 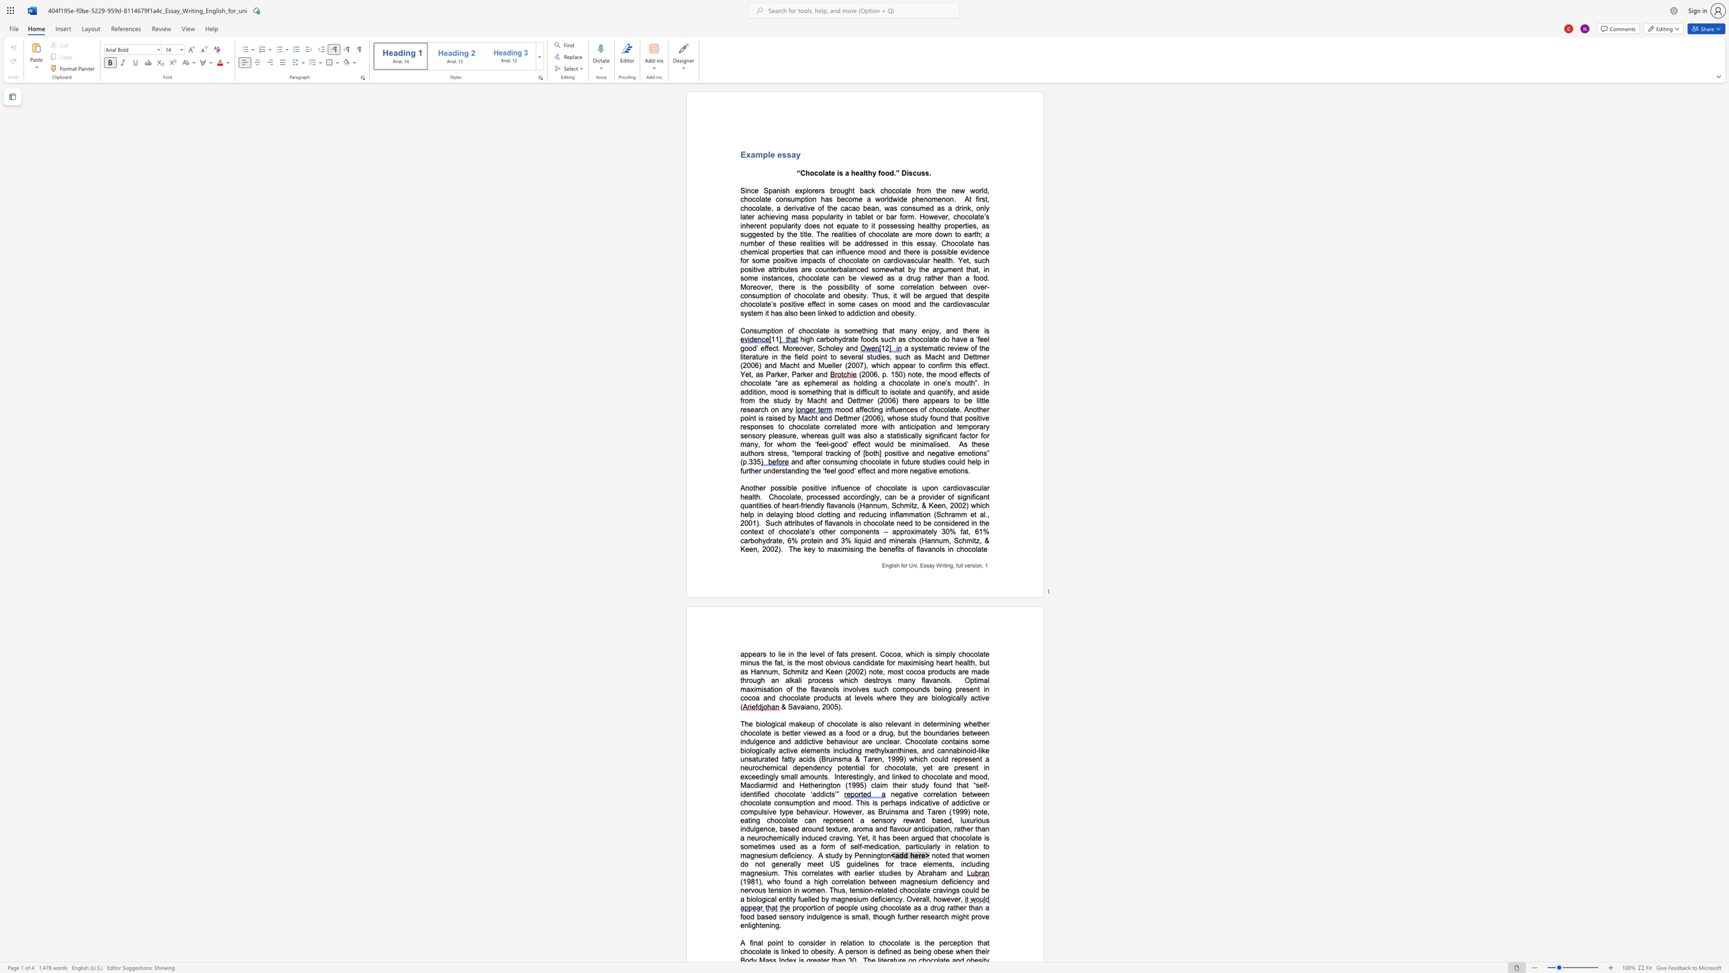 I want to click on the subset text "to co" within the text "appear to confirm", so click(x=918, y=365).